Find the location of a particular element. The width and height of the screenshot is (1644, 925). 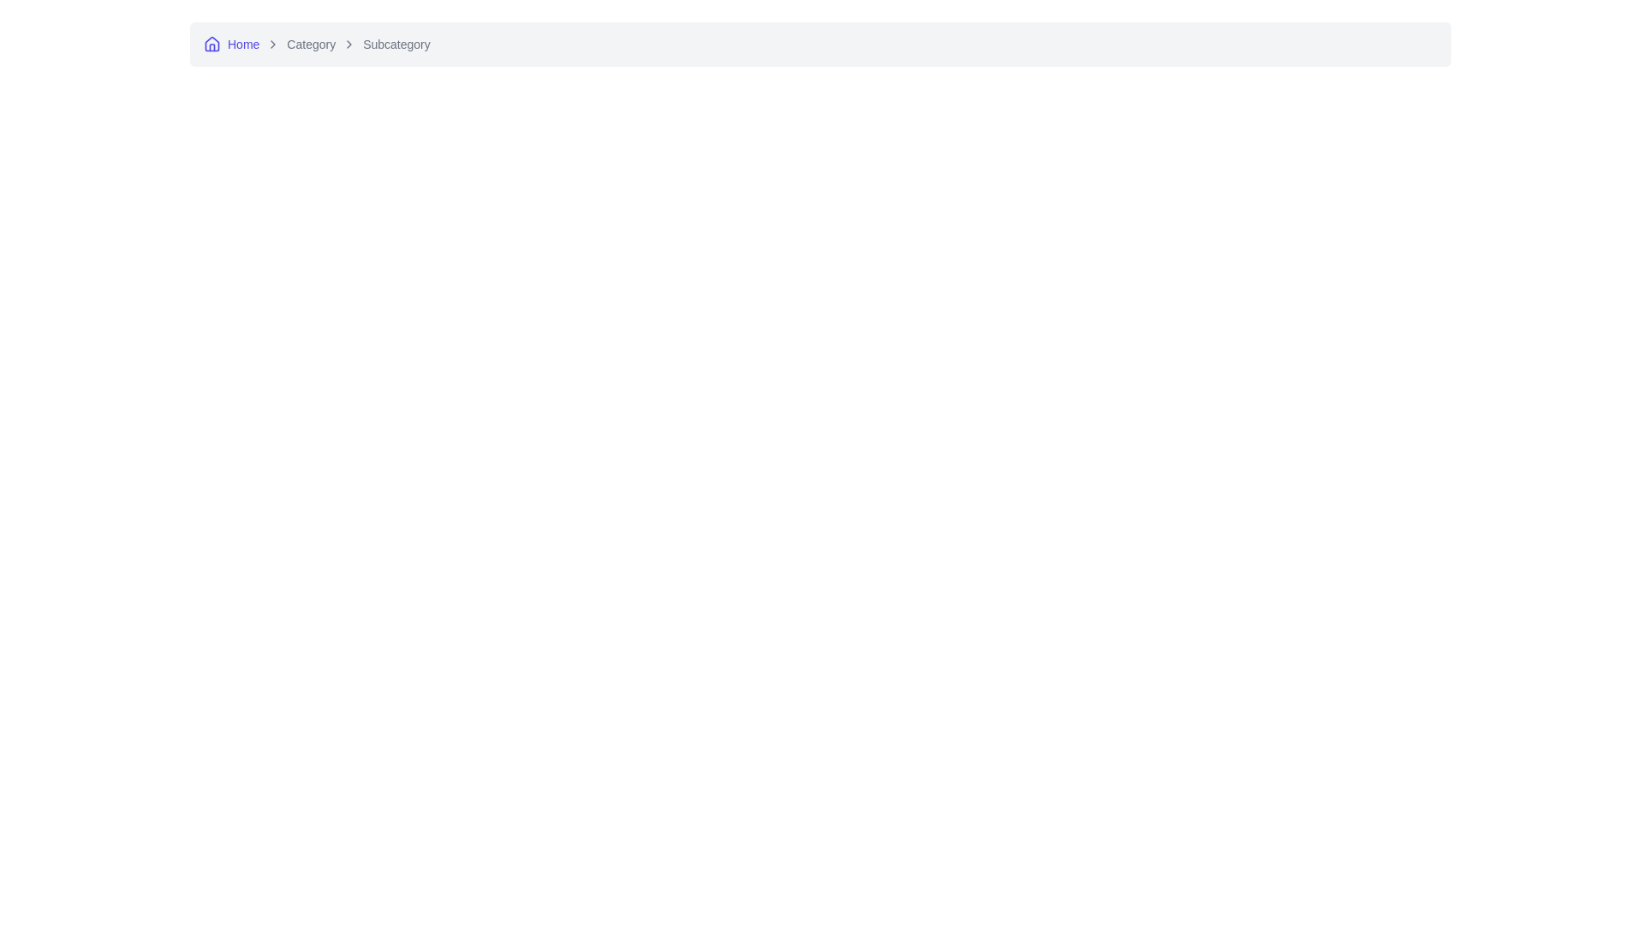

the static text element located in the breadcrumb navigation bar, positioned between 'Home' and 'Subcategory', which indicates the current category or navigation step is located at coordinates (311, 43).